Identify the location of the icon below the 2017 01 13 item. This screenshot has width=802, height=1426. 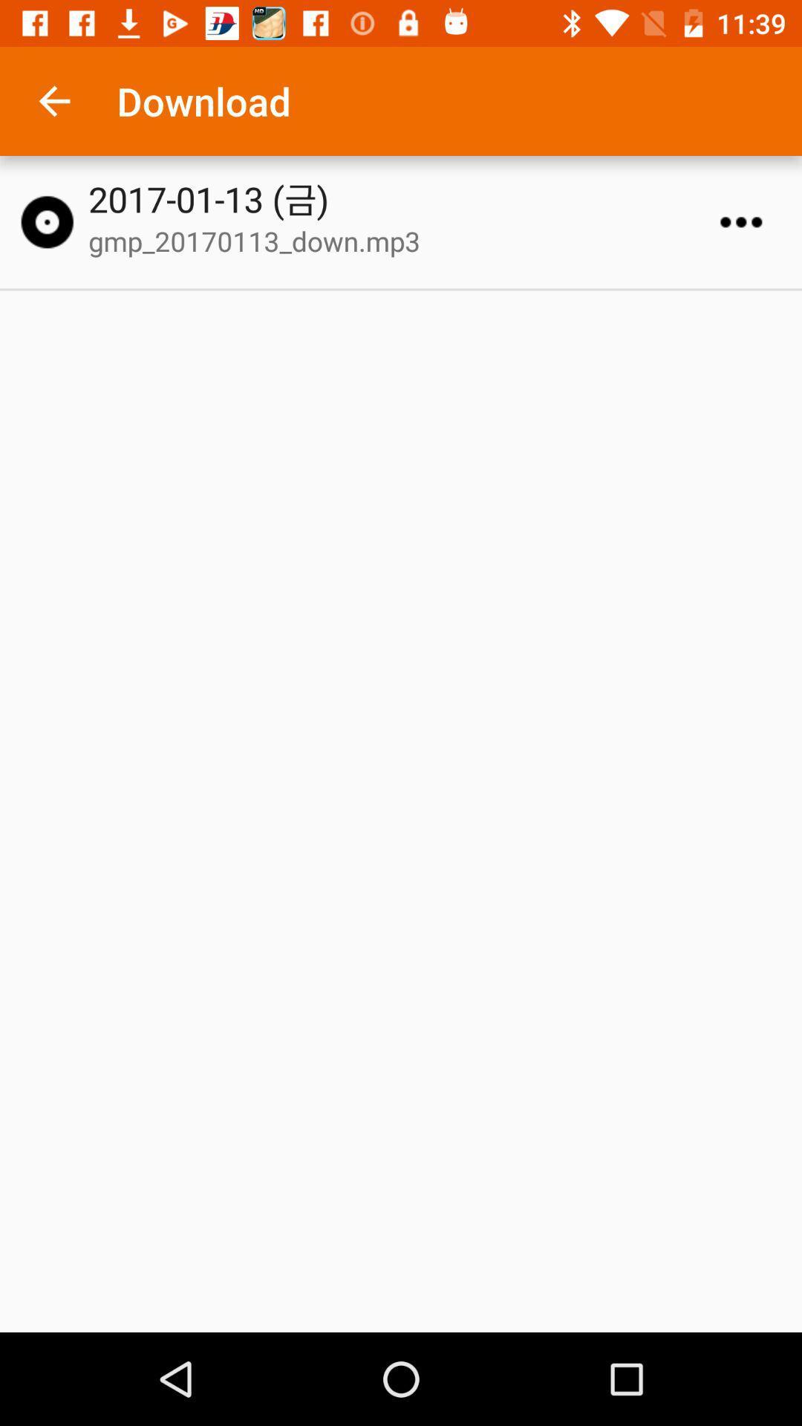
(408, 241).